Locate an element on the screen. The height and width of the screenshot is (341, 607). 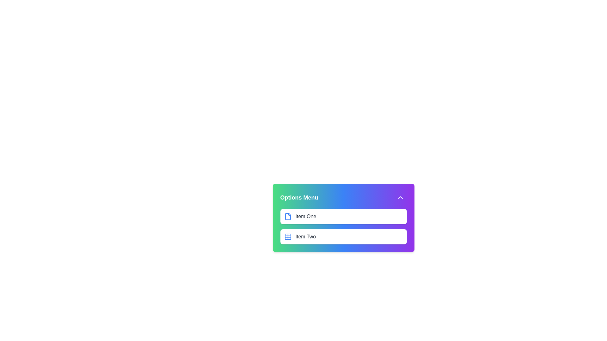
the first icon in the Options Menu, located to the left of the text label 'Item One' is located at coordinates (287, 216).